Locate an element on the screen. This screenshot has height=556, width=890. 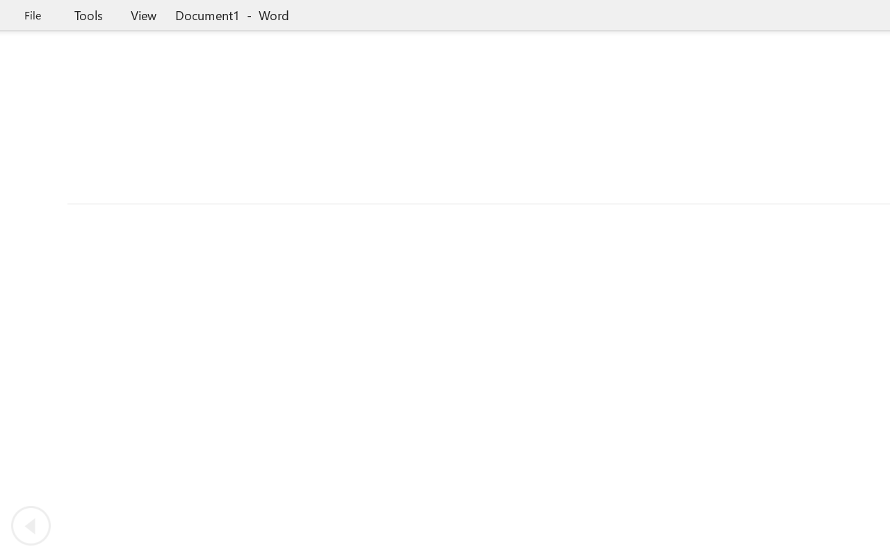
'Tools' is located at coordinates (88, 15).